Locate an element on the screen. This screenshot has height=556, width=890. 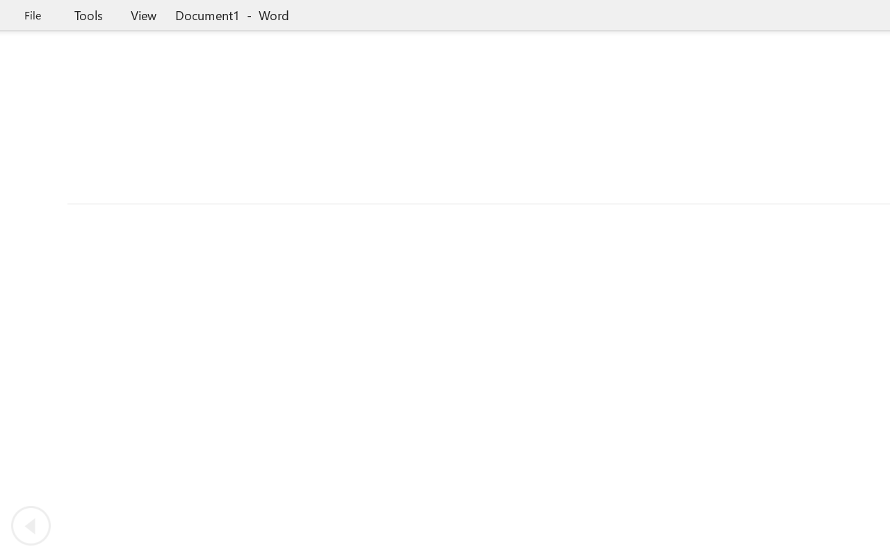
'Tools' is located at coordinates (88, 15).